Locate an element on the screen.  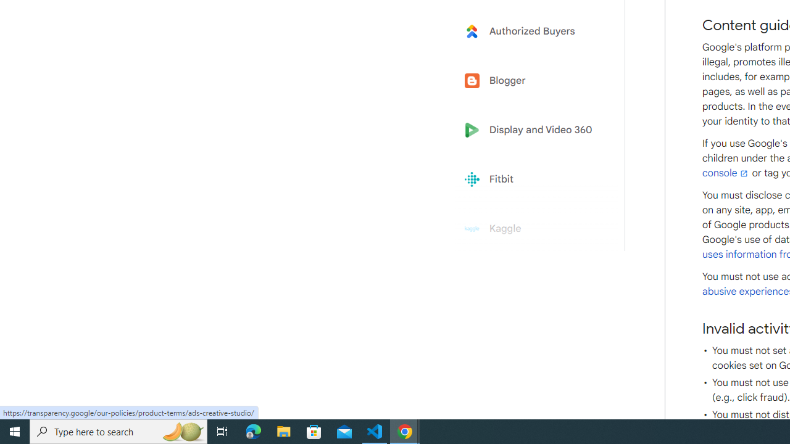
'Kaggle' is located at coordinates (532, 229).